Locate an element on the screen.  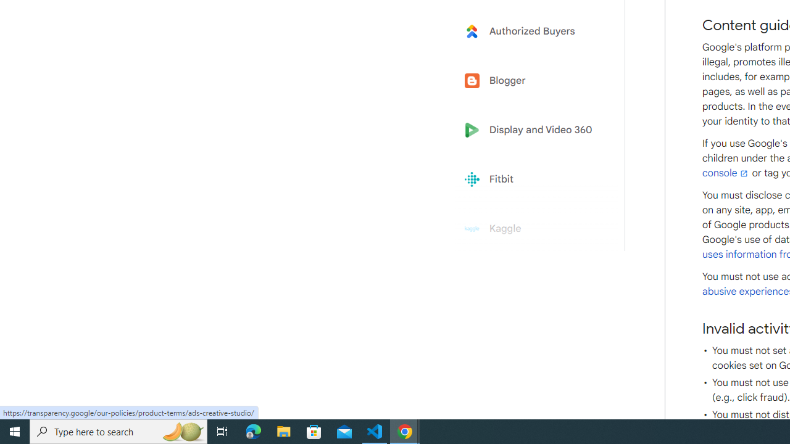
'Kaggle' is located at coordinates (532, 229).